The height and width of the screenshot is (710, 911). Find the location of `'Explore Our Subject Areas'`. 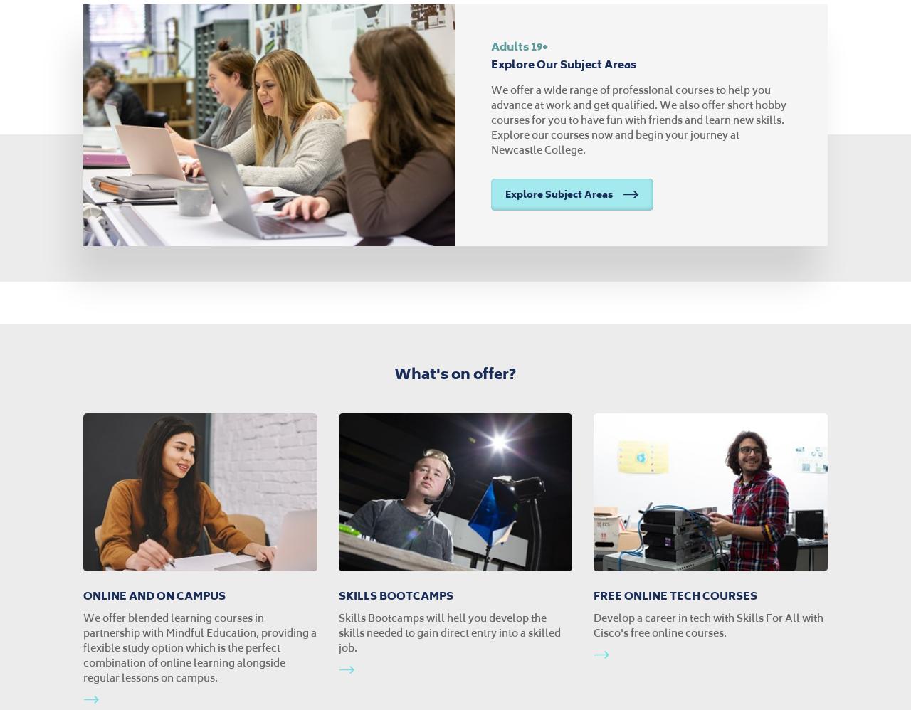

'Explore Our Subject Areas' is located at coordinates (563, 63).